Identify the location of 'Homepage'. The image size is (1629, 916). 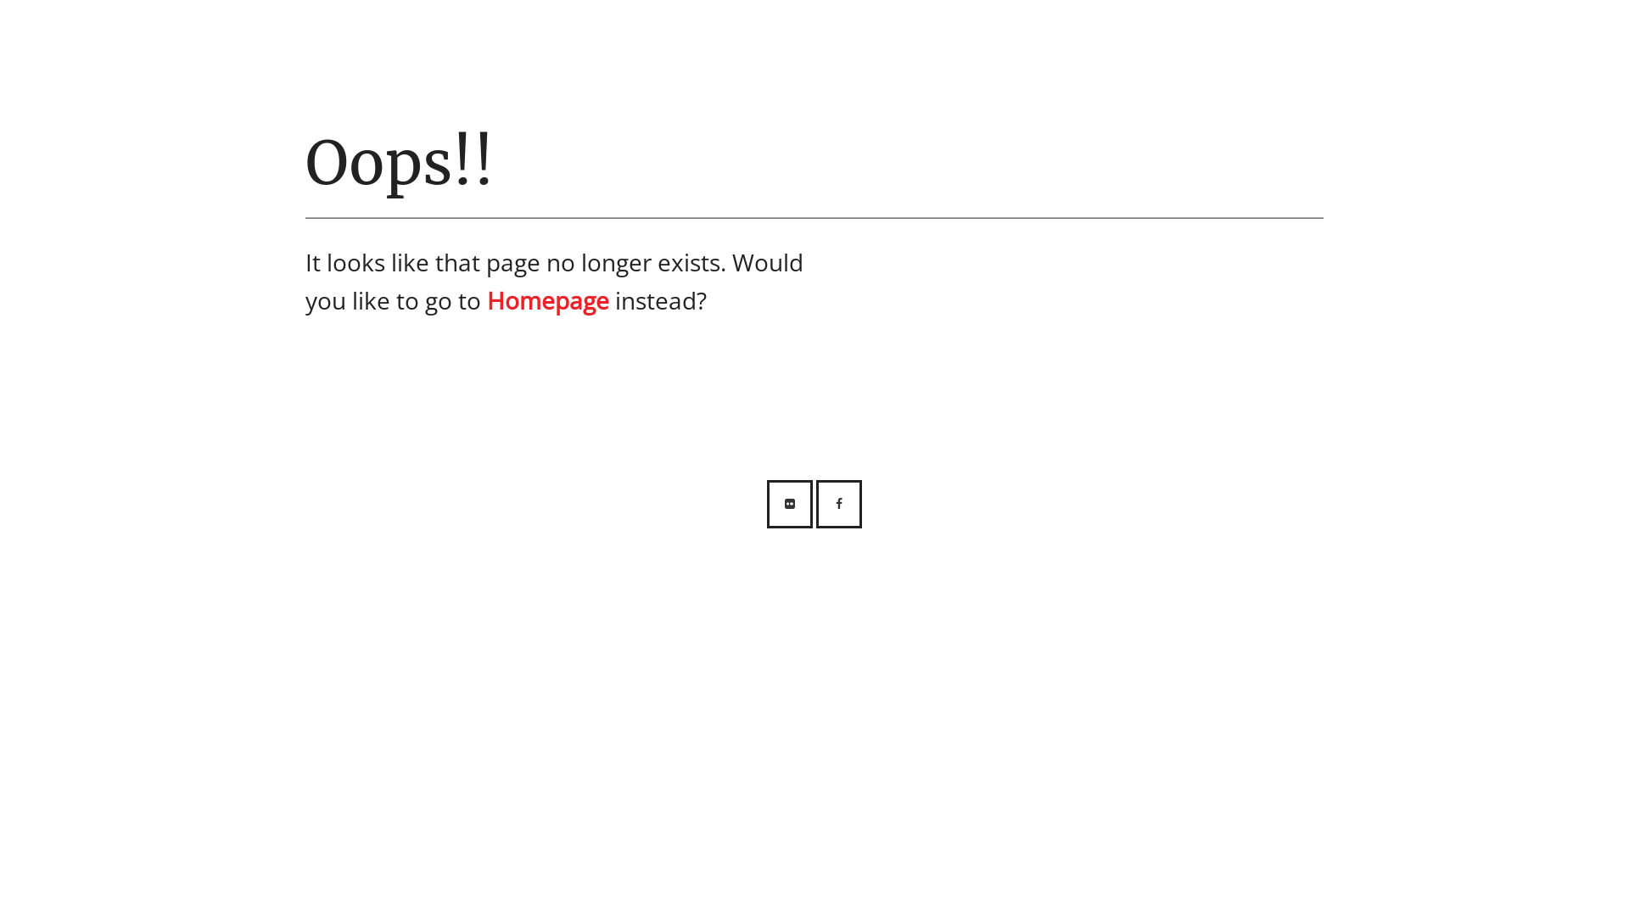
(548, 299).